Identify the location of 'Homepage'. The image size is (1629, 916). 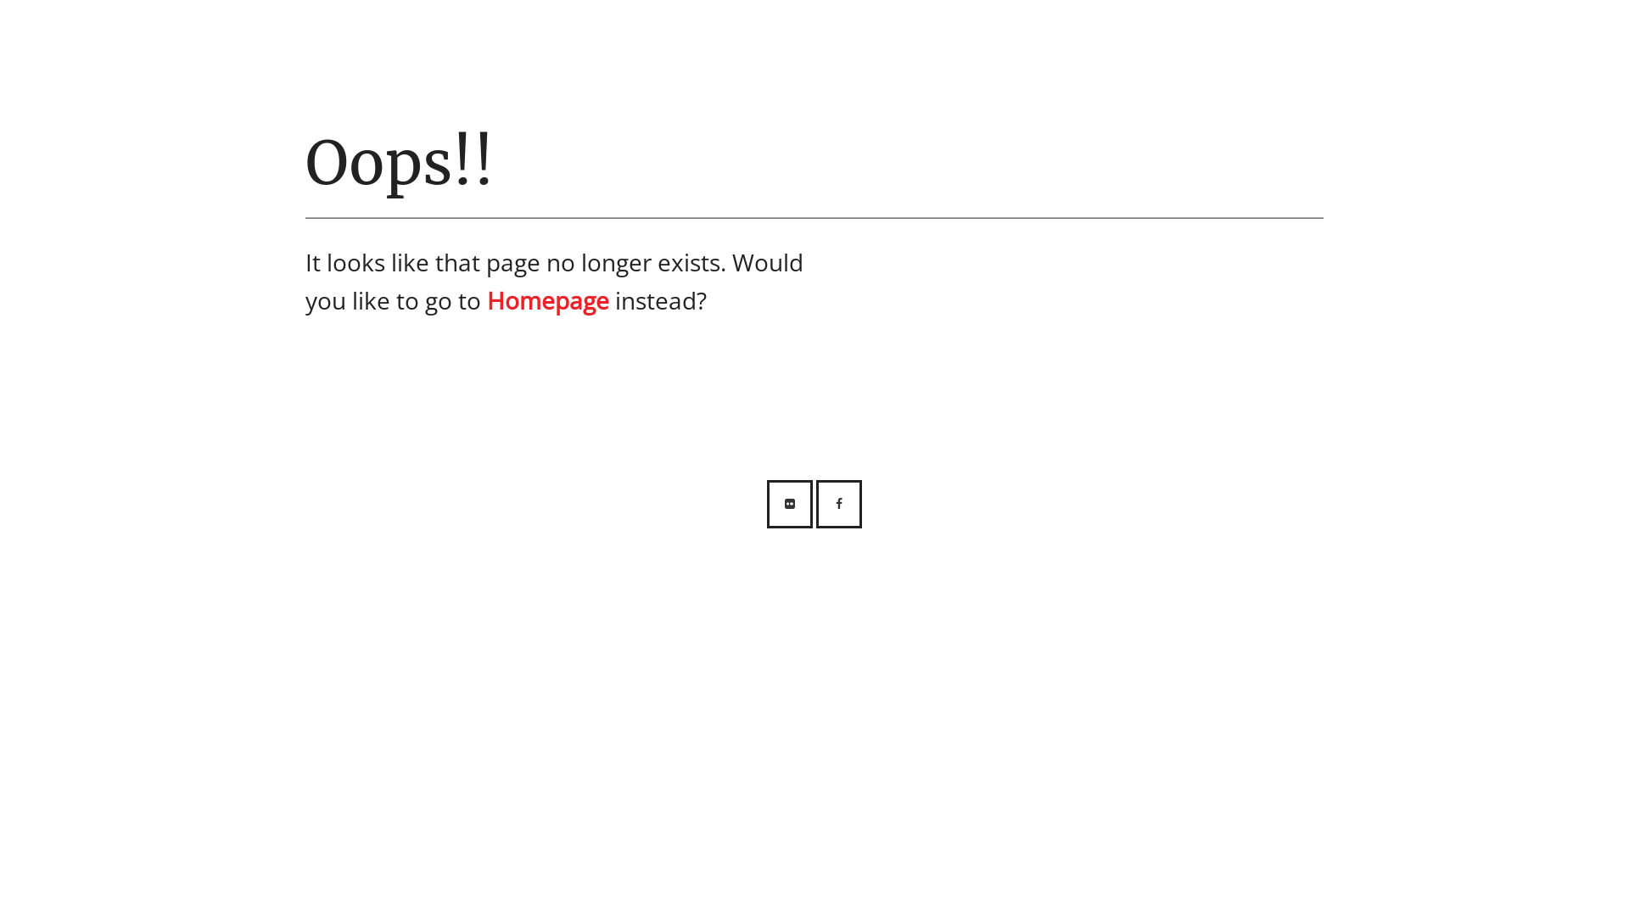
(548, 299).